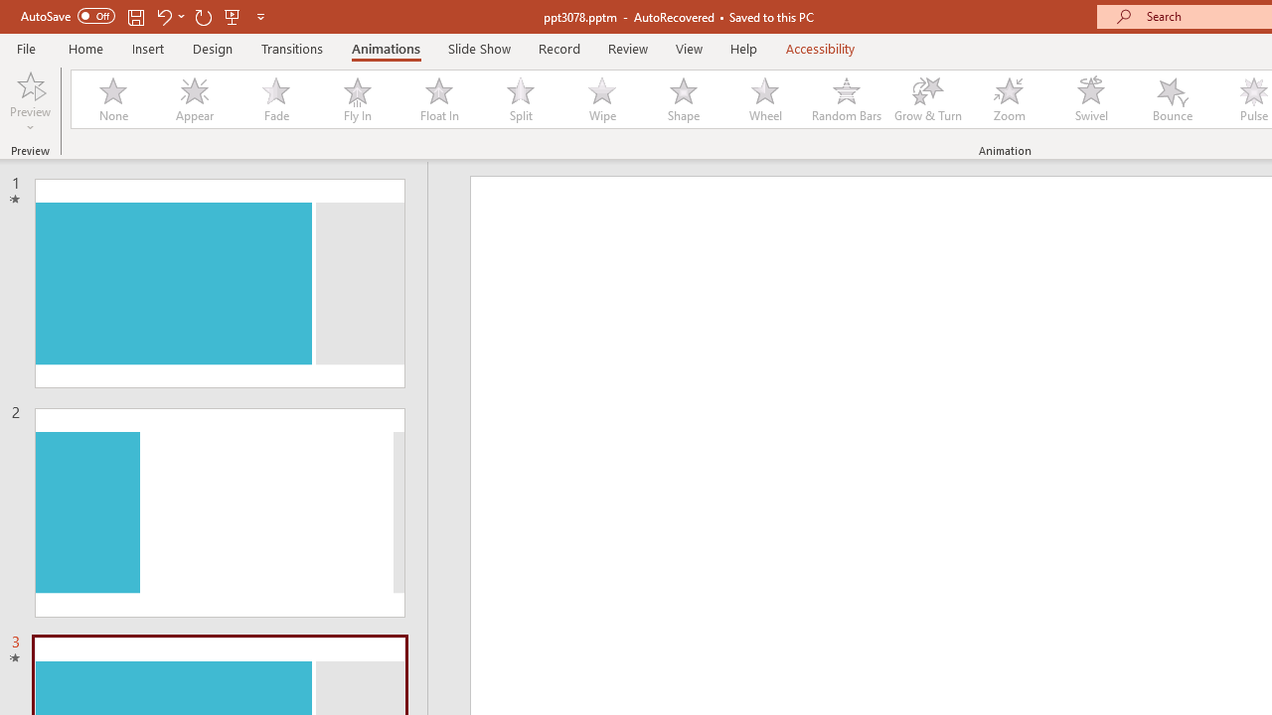 The height and width of the screenshot is (715, 1272). What do you see at coordinates (111, 99) in the screenshot?
I see `'None'` at bounding box center [111, 99].